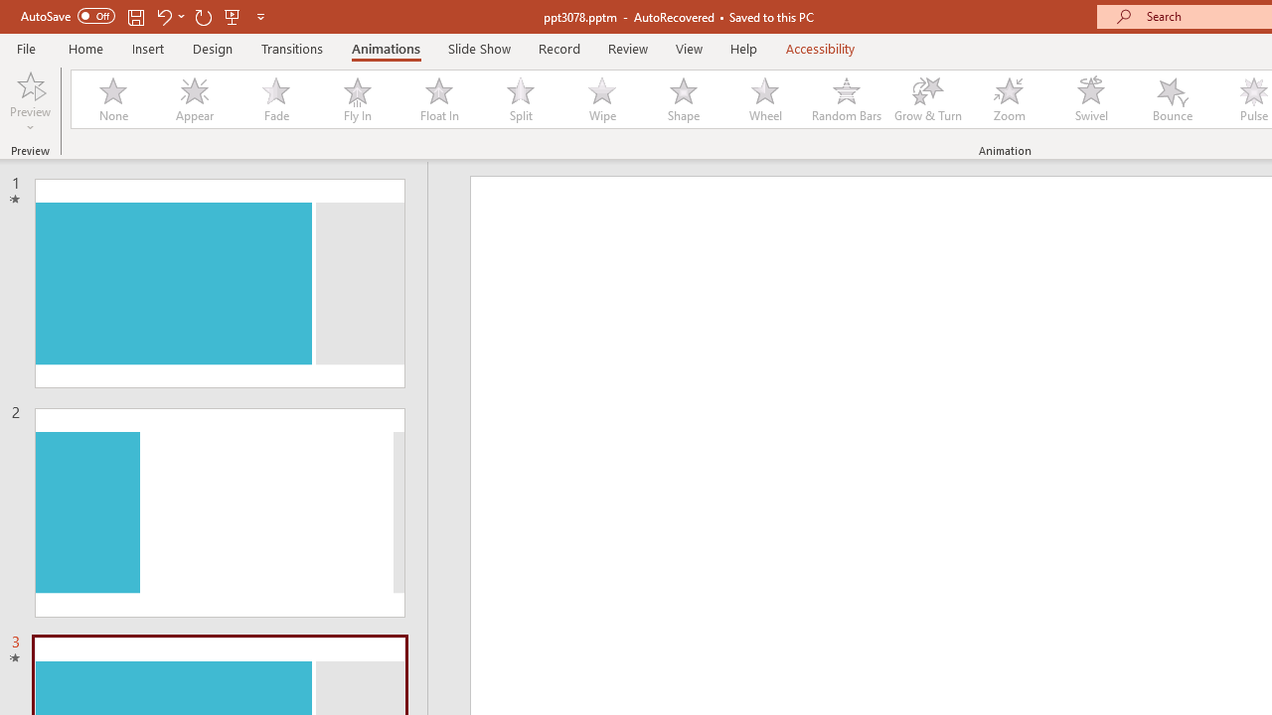 The height and width of the screenshot is (715, 1272). What do you see at coordinates (111, 99) in the screenshot?
I see `'None'` at bounding box center [111, 99].